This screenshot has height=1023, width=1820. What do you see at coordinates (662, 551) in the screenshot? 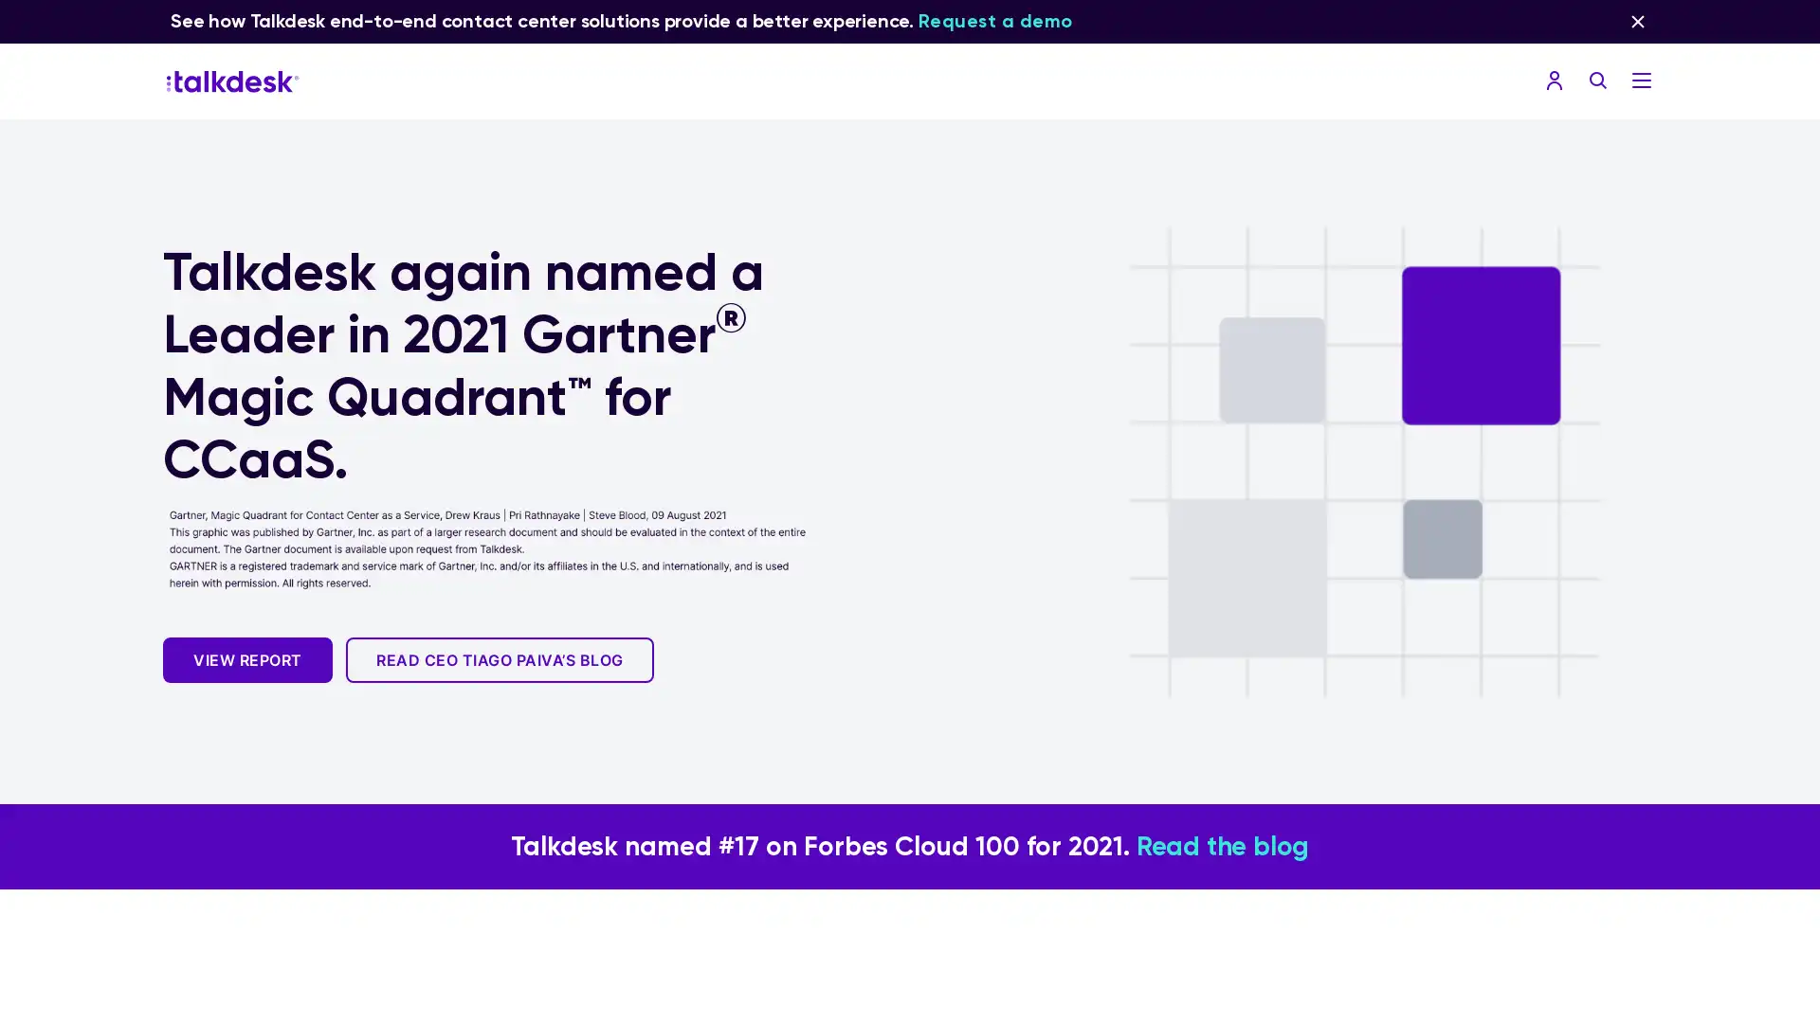
I see `Vendorlist` at bounding box center [662, 551].